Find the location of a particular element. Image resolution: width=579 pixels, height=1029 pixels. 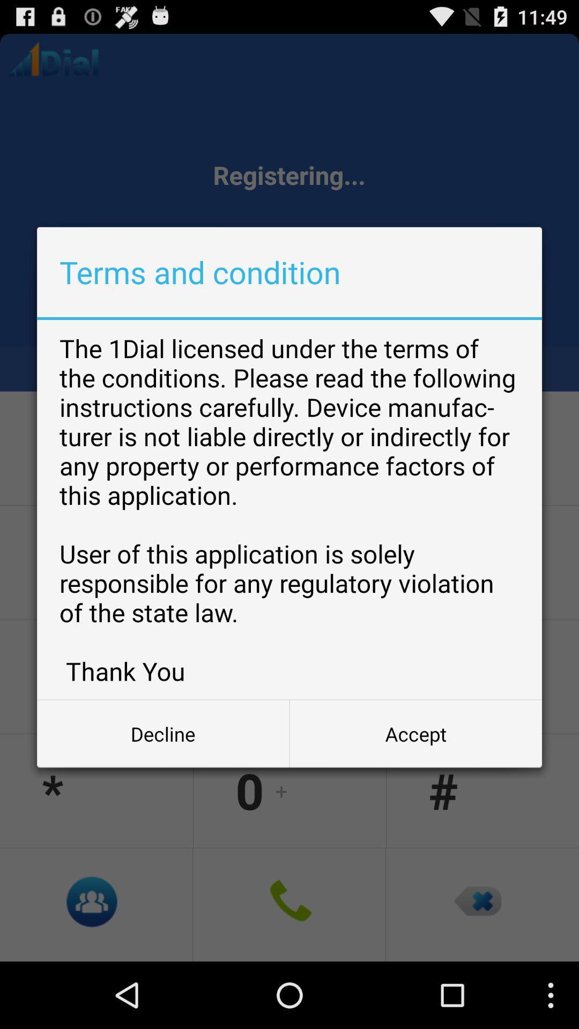

the decline is located at coordinates (163, 733).